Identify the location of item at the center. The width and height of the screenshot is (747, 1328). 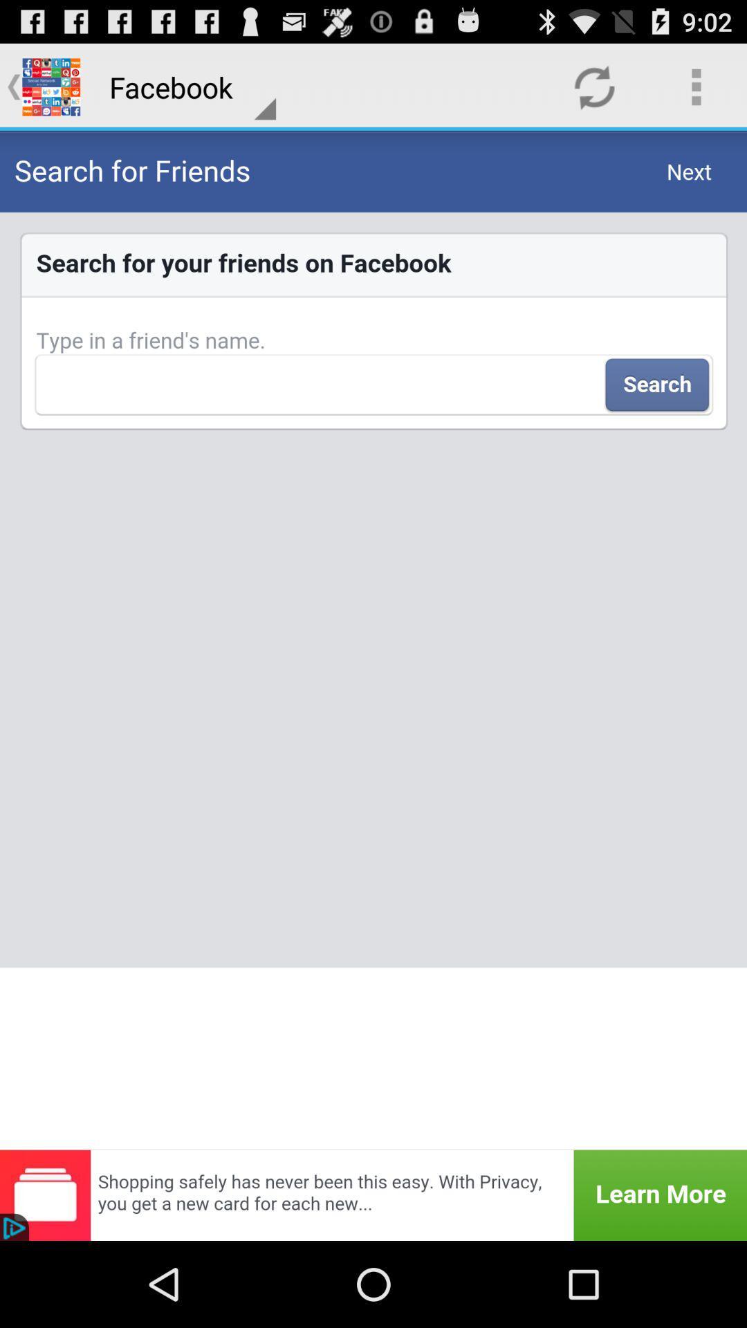
(373, 639).